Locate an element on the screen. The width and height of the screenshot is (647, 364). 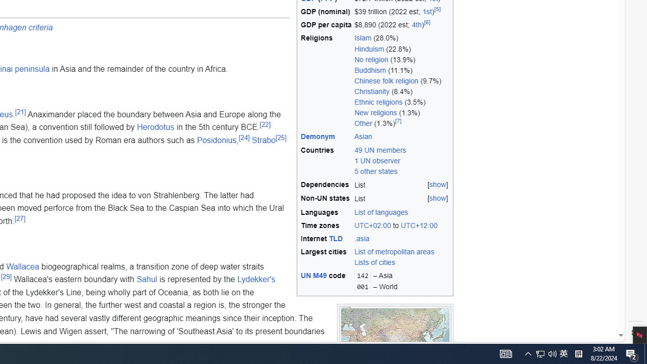
'GDP per capita' is located at coordinates (326, 25).